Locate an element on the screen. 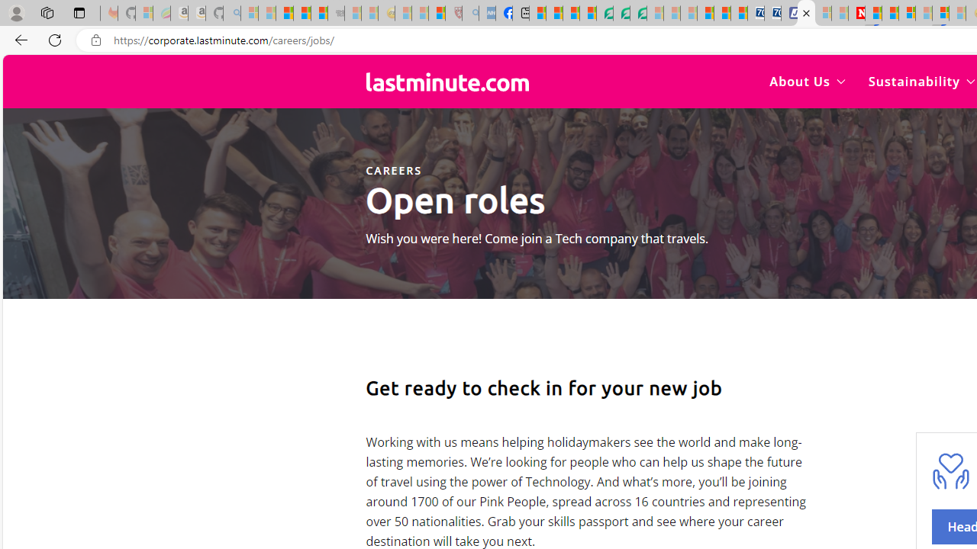 This screenshot has height=549, width=977. 'CAREERS' is located at coordinates (393, 170).